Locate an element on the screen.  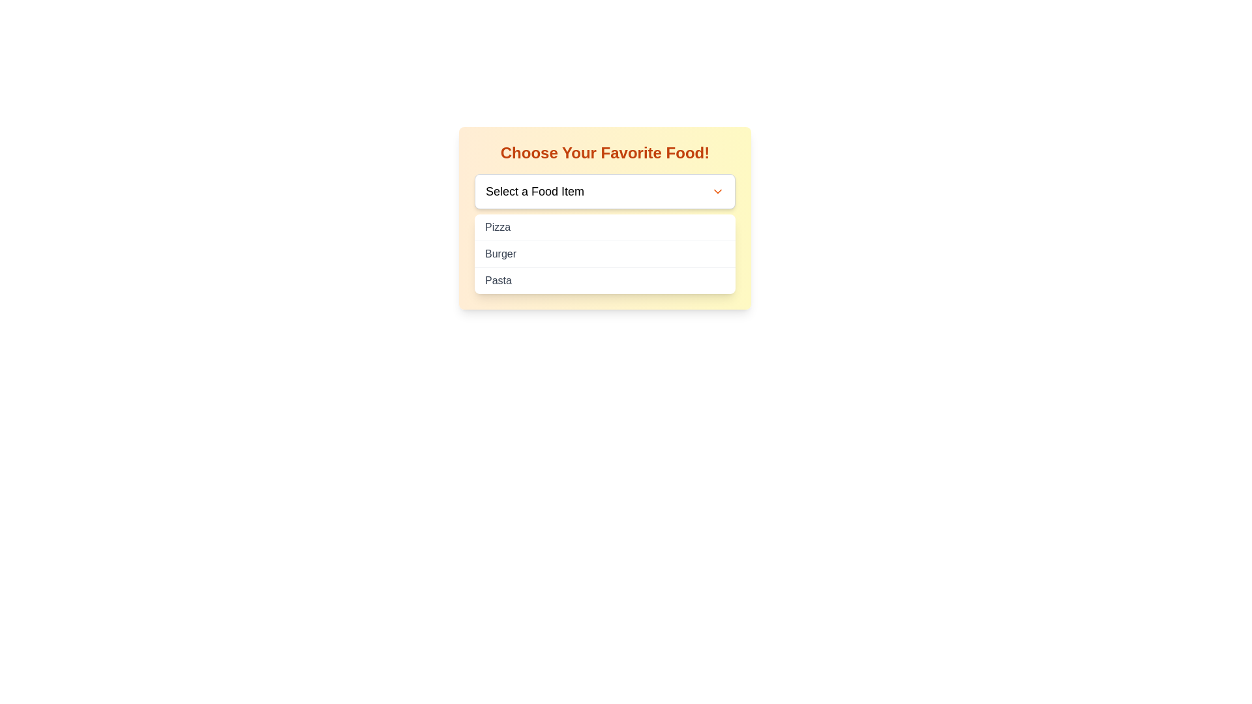
the 'Pizza' option in the dropdown menu, which is the first selectable label below the 'Select a Food Item' input field is located at coordinates (497, 226).